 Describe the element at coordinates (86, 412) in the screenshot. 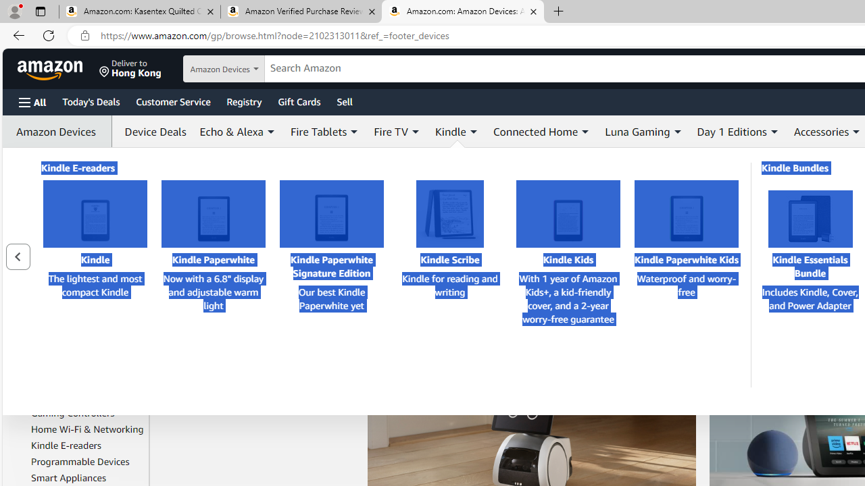

I see `'Gaming Controllers'` at that location.